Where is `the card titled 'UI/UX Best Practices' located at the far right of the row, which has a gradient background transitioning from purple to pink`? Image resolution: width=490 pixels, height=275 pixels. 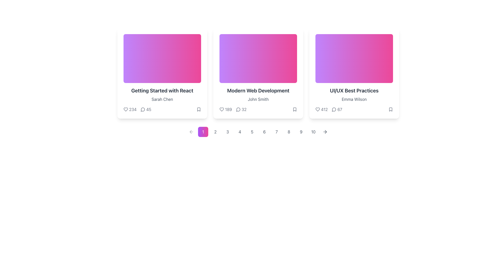
the card titled 'UI/UX Best Practices' located at the far right of the row, which has a gradient background transitioning from purple to pink is located at coordinates (354, 73).